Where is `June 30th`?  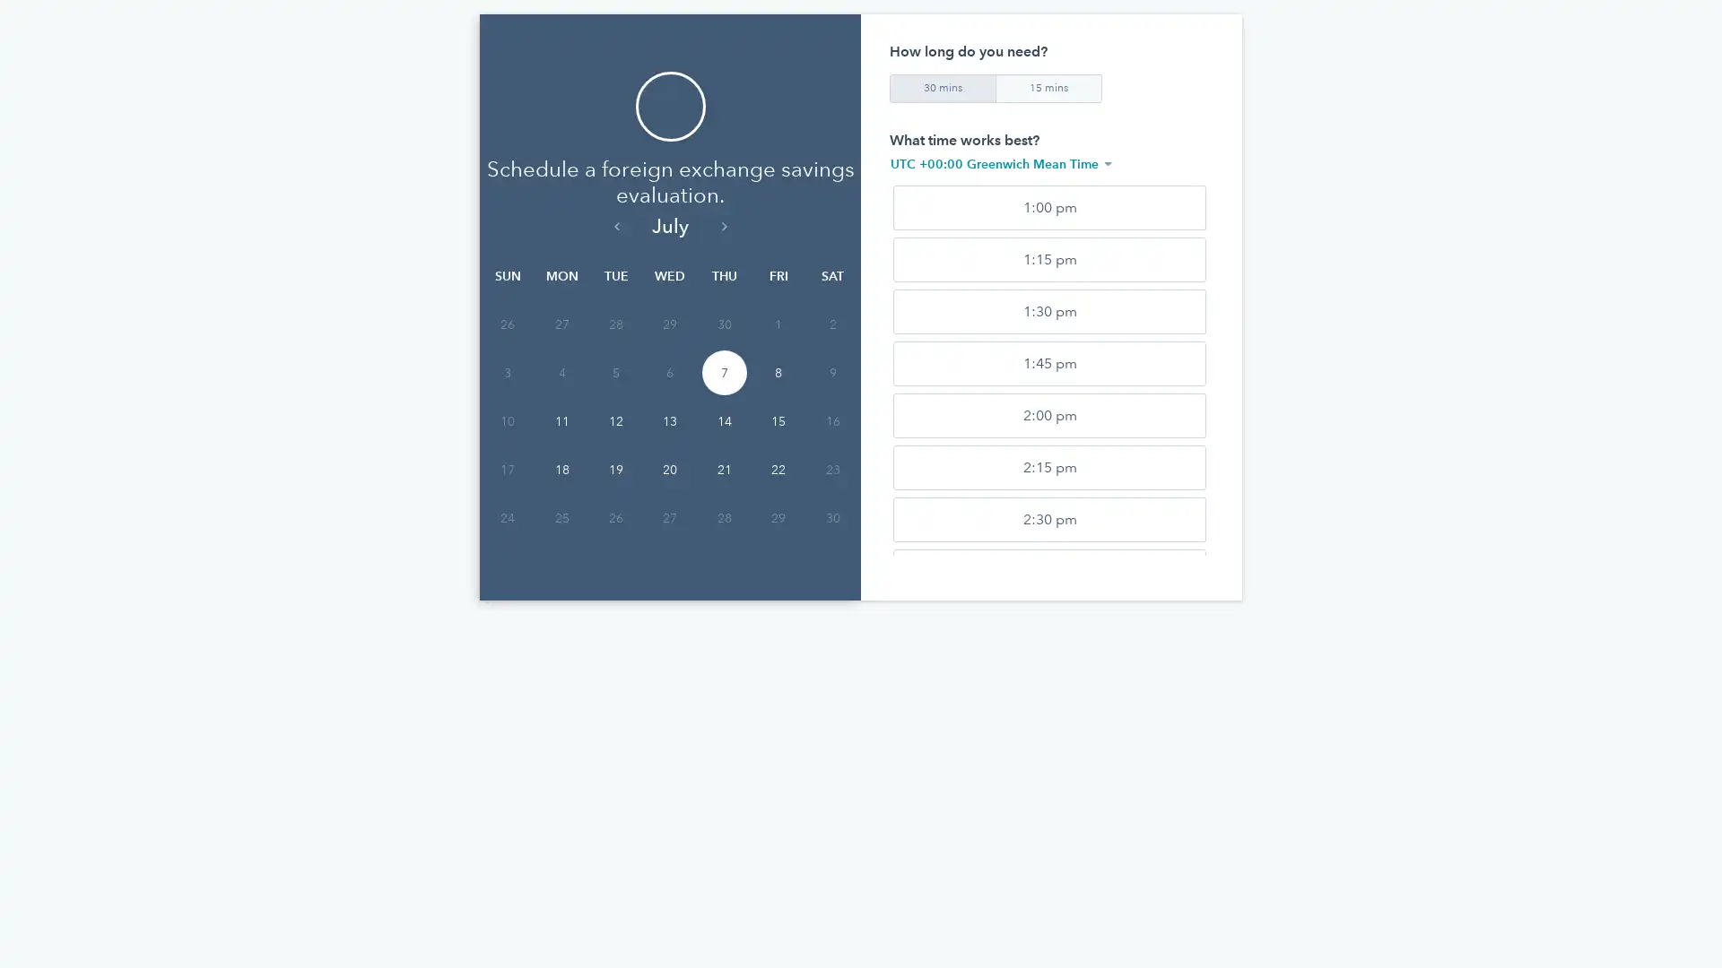
June 30th is located at coordinates (723, 324).